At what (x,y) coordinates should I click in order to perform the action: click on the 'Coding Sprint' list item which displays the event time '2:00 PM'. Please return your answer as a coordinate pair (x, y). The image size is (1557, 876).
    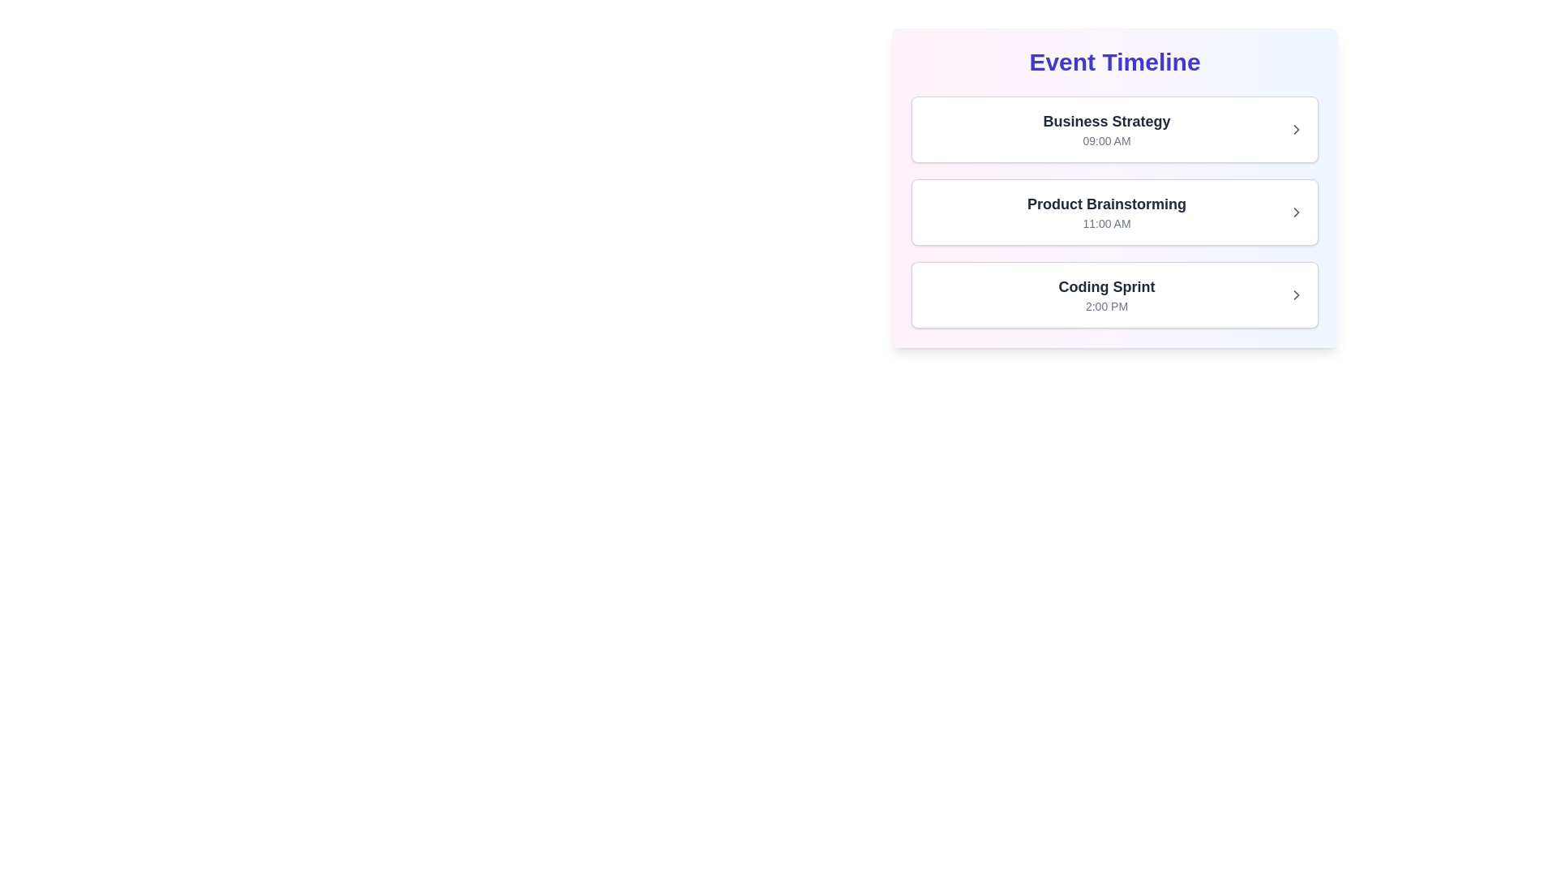
    Looking at the image, I should click on (1105, 294).